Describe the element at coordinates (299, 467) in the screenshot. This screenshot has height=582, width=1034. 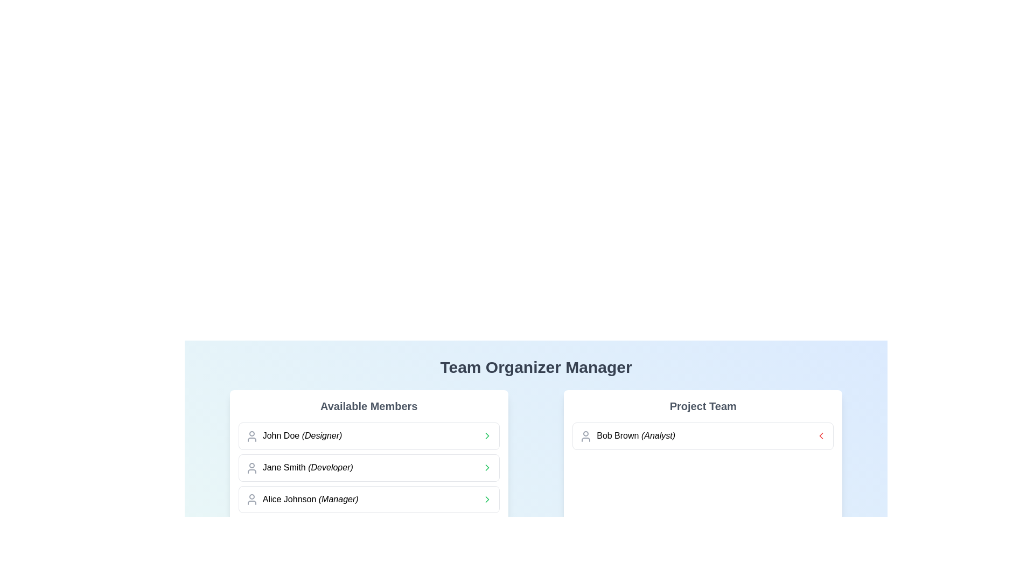
I see `the text label displaying 'Jane Smith (Developer)' in the 'Available Members' section, which is the second entry in the list` at that location.